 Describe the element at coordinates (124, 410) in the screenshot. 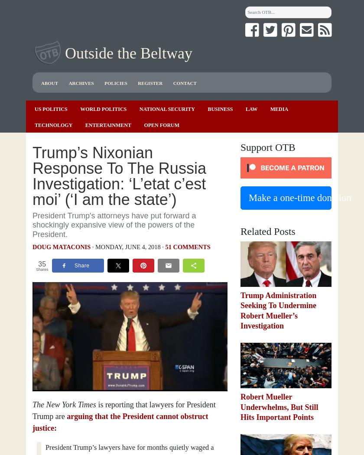

I see `'is reporting that lawyers for President Trump are'` at that location.